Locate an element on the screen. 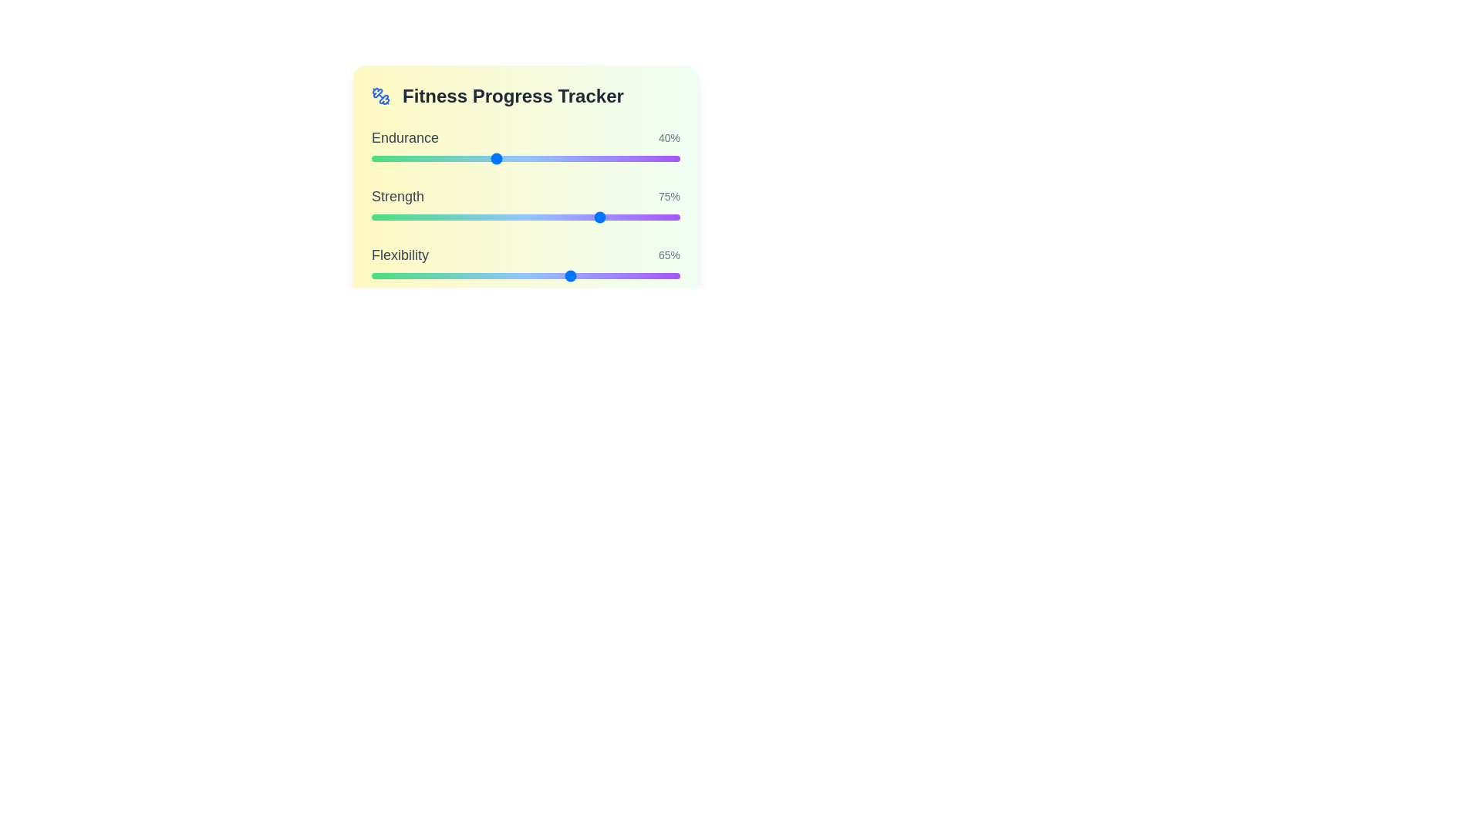 The width and height of the screenshot is (1481, 833). the endurance value is located at coordinates (592, 158).